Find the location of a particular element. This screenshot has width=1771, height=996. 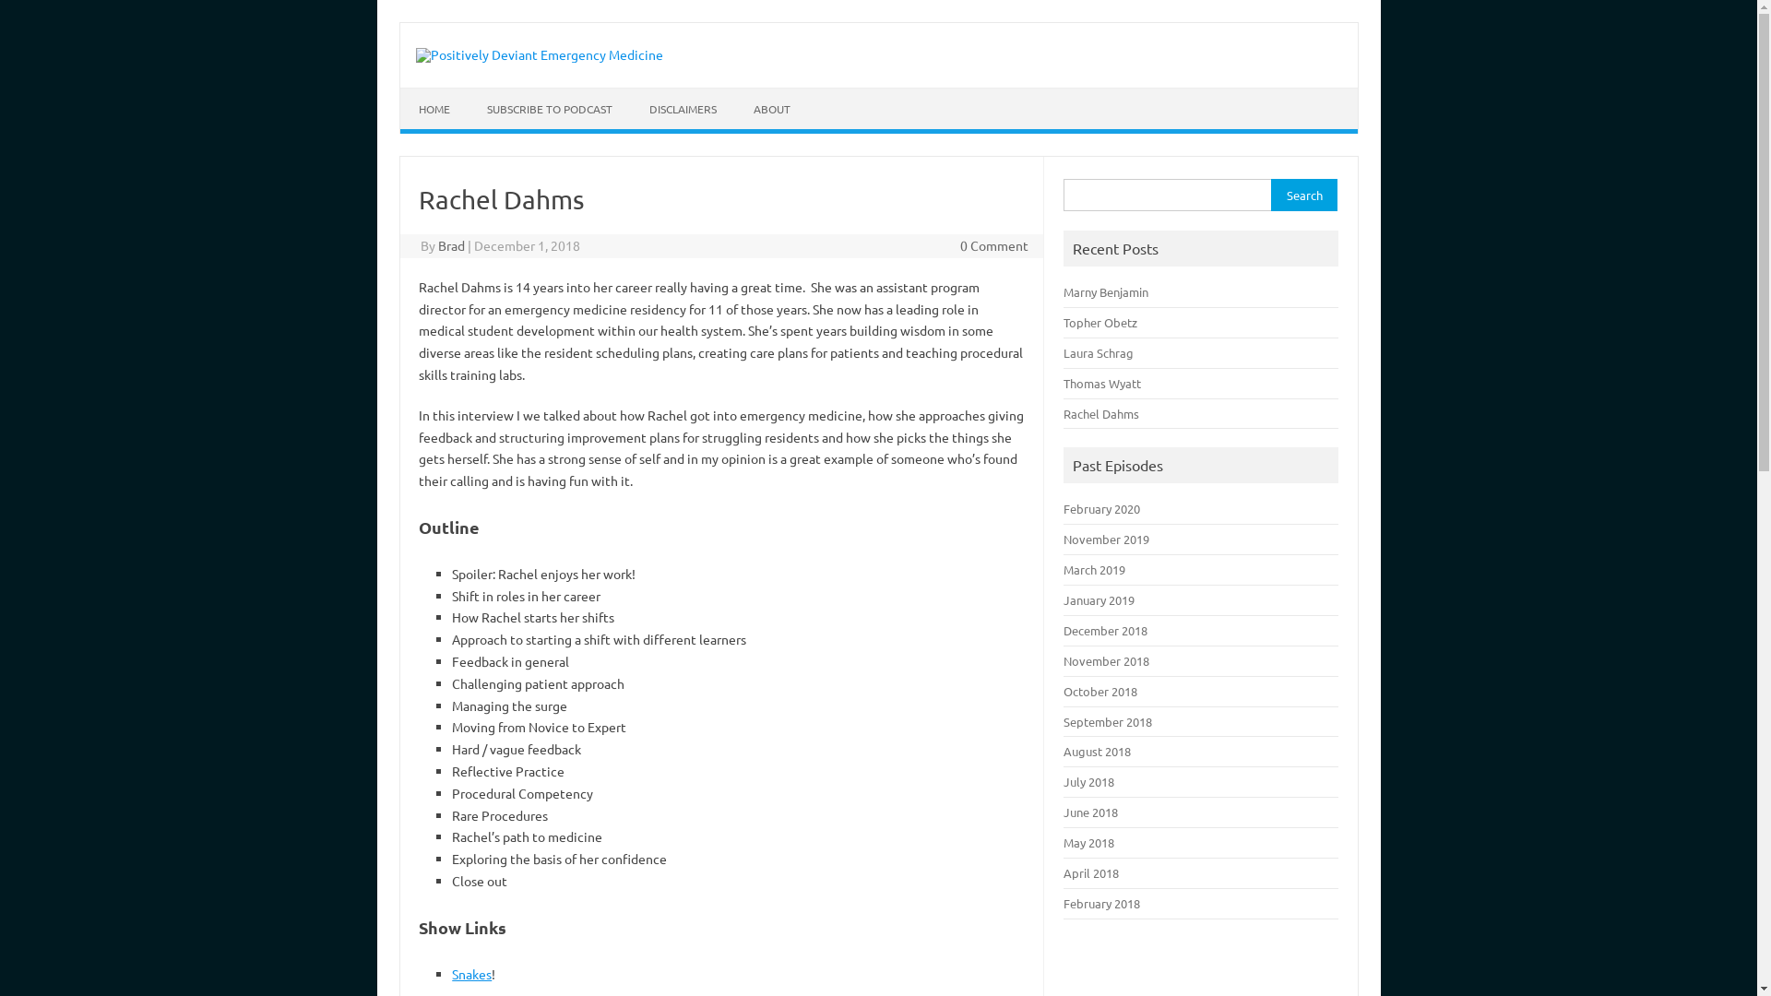

'August 2018' is located at coordinates (1097, 751).